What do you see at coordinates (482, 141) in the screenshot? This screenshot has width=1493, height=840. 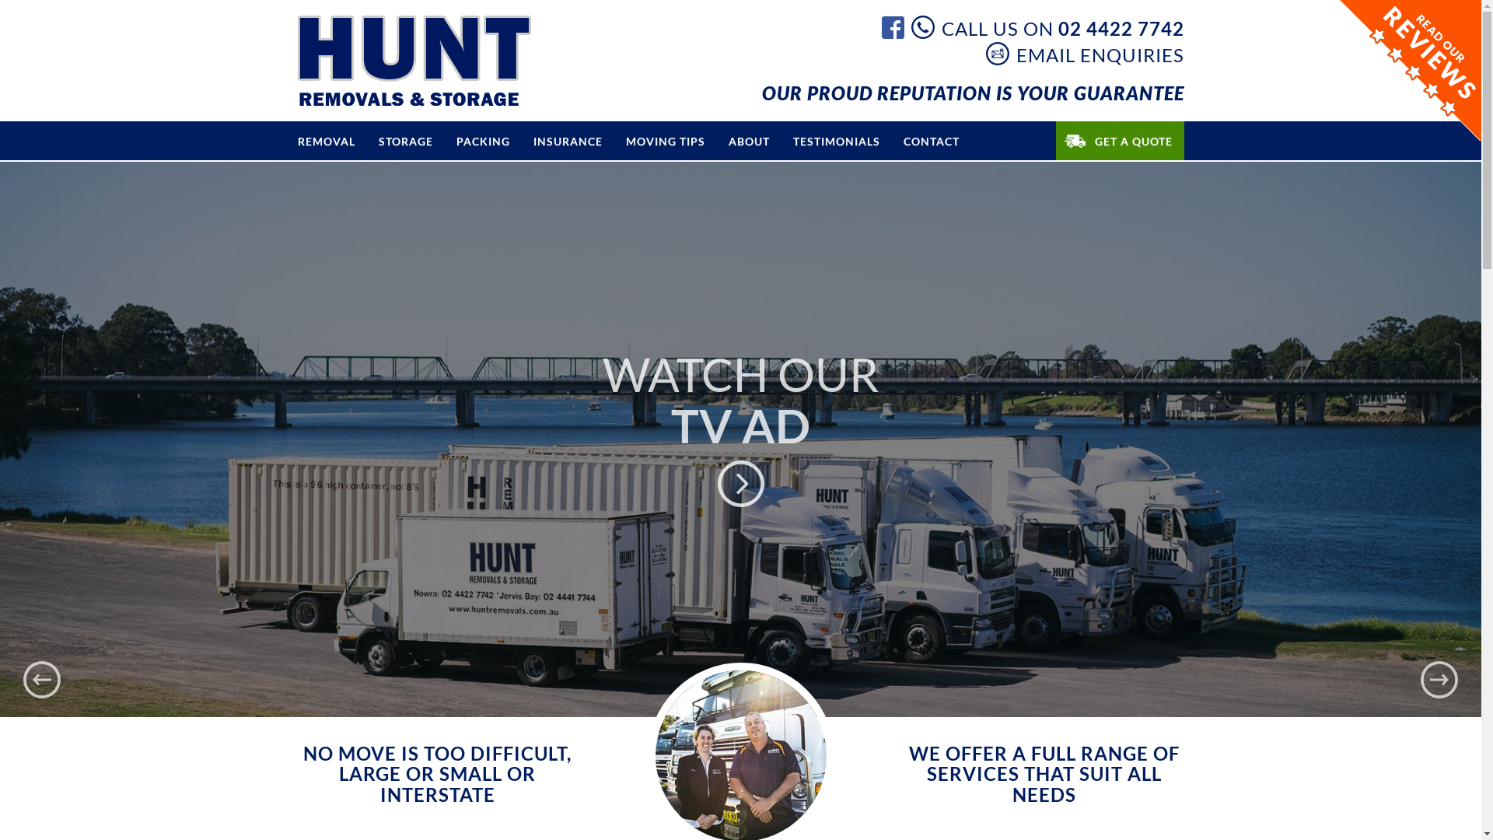 I see `'PACKING'` at bounding box center [482, 141].